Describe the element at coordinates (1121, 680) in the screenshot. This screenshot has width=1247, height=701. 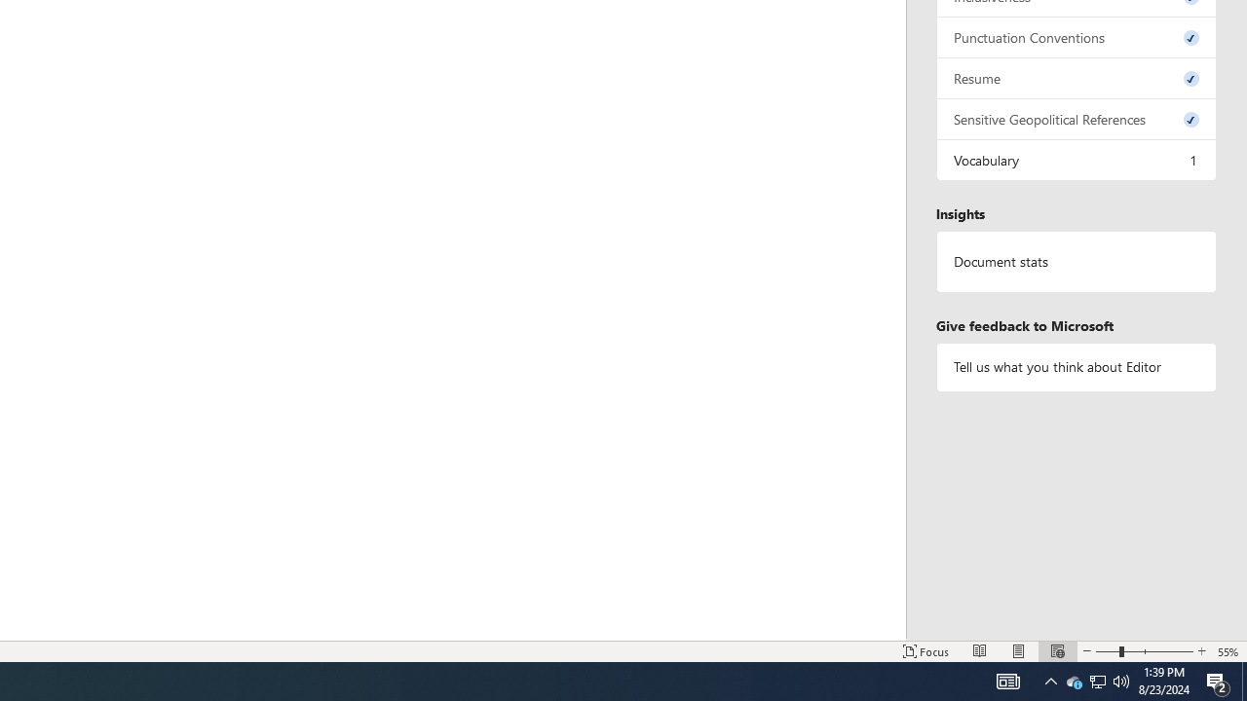
I see `'Q2790: 100%'` at that location.